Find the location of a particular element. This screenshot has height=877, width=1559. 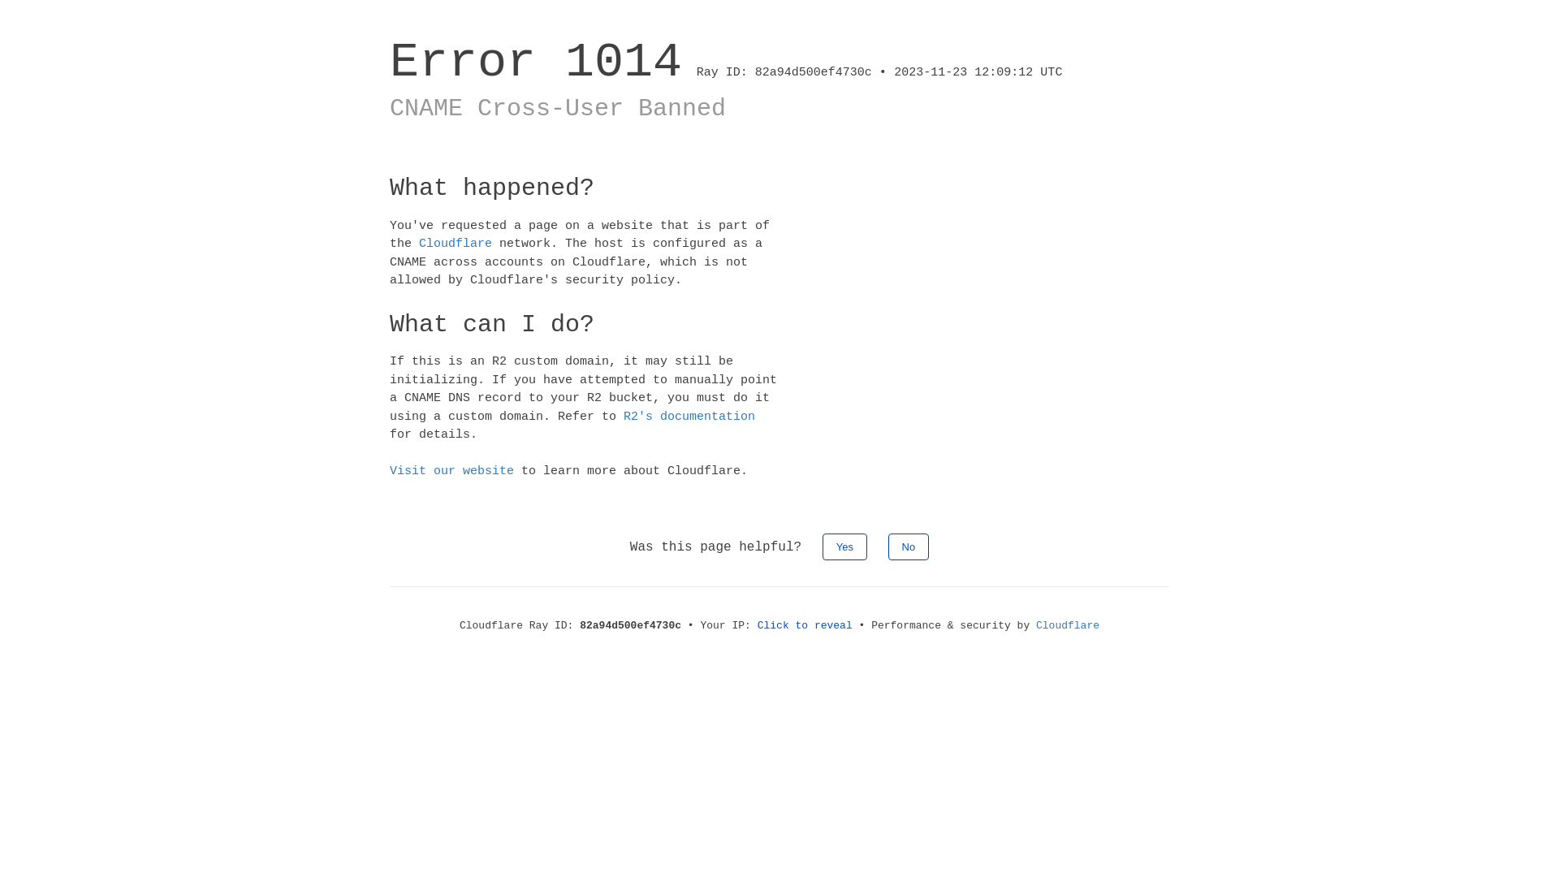

'No' is located at coordinates (908, 546).